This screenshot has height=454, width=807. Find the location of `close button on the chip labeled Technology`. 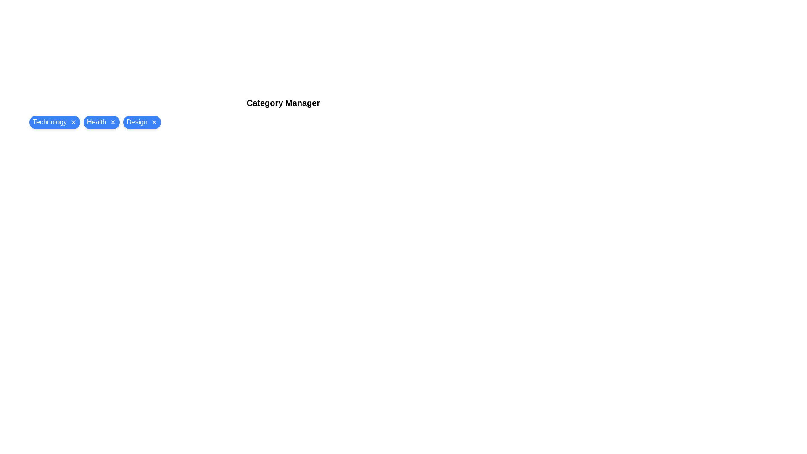

close button on the chip labeled Technology is located at coordinates (73, 122).